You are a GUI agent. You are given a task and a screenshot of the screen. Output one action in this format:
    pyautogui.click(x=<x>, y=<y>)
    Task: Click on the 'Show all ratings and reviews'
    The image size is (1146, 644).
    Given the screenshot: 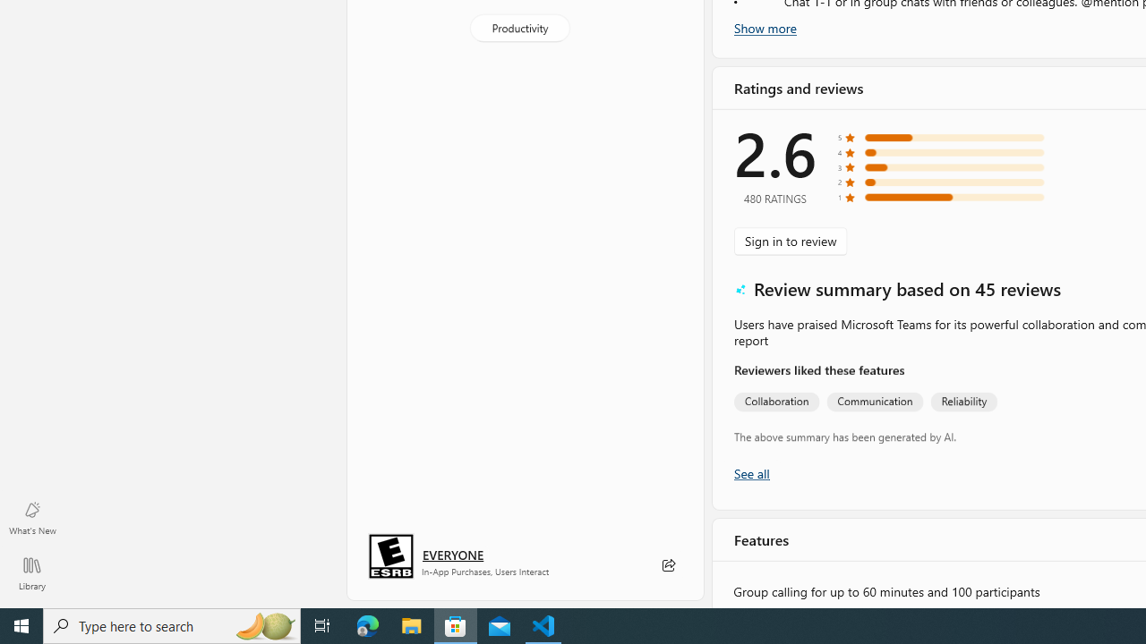 What is the action you would take?
    pyautogui.click(x=751, y=472)
    